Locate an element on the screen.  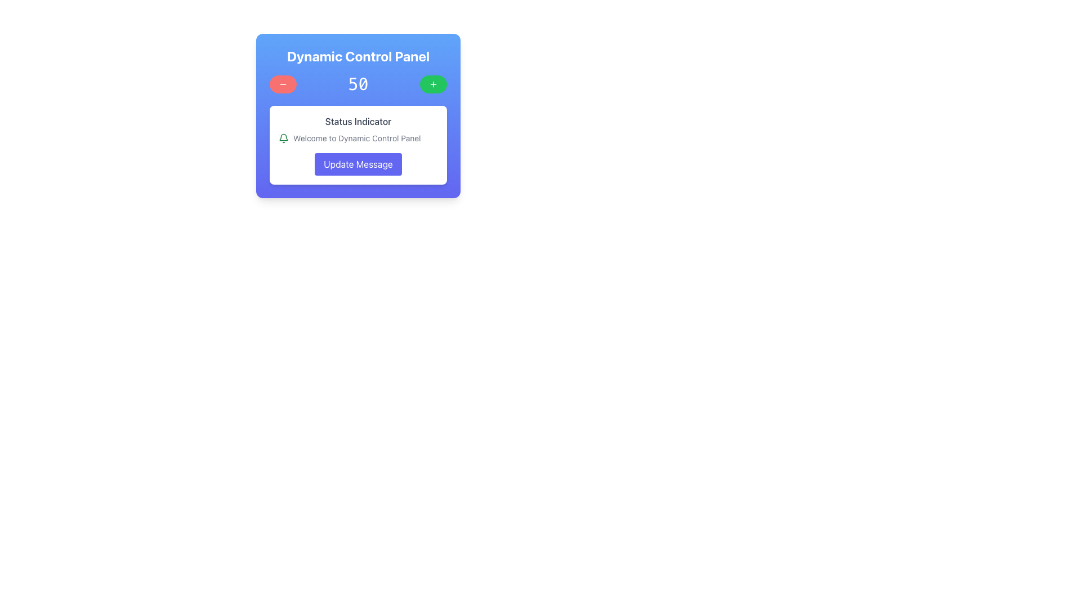
the circular button with a red background and minus sign icon located on the left side of the 'Dynamic Control Panel' to observe any interactive styling changes is located at coordinates (283, 84).